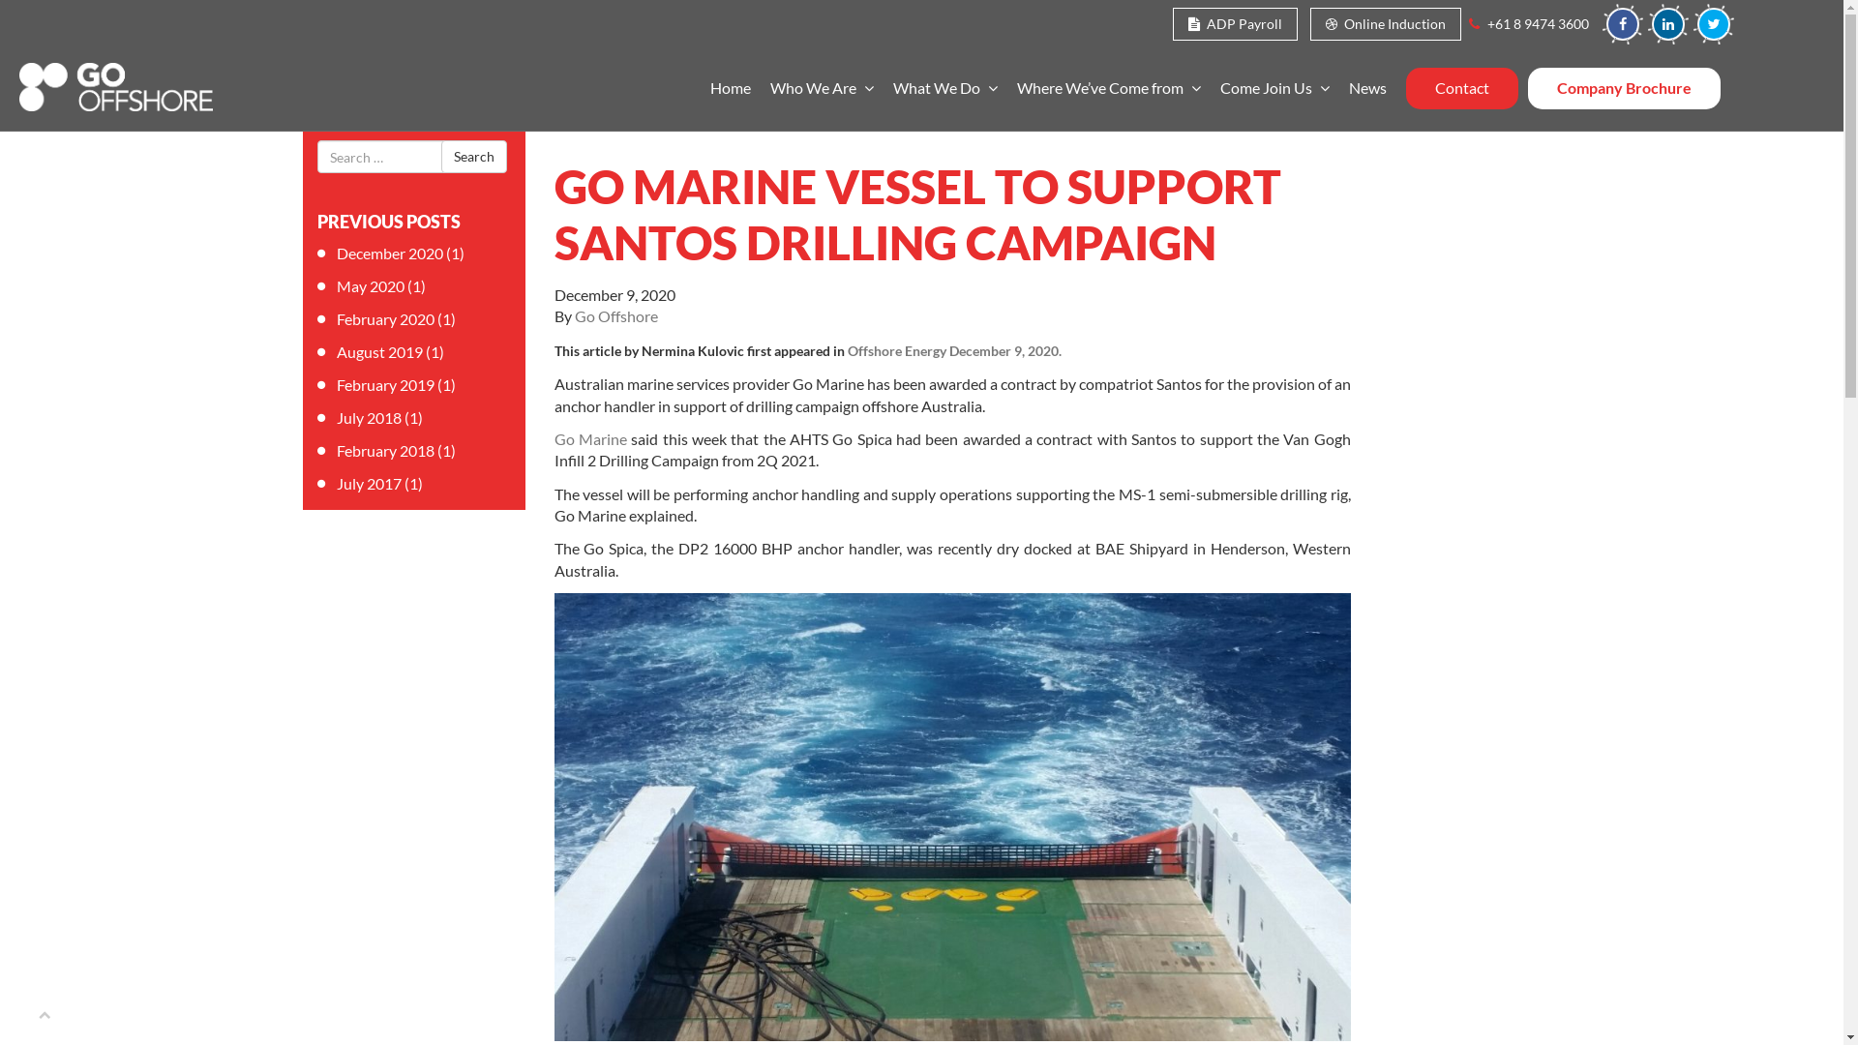 The height and width of the screenshot is (1045, 1858). Describe the element at coordinates (1623, 88) in the screenshot. I see `'Company Brochure'` at that location.